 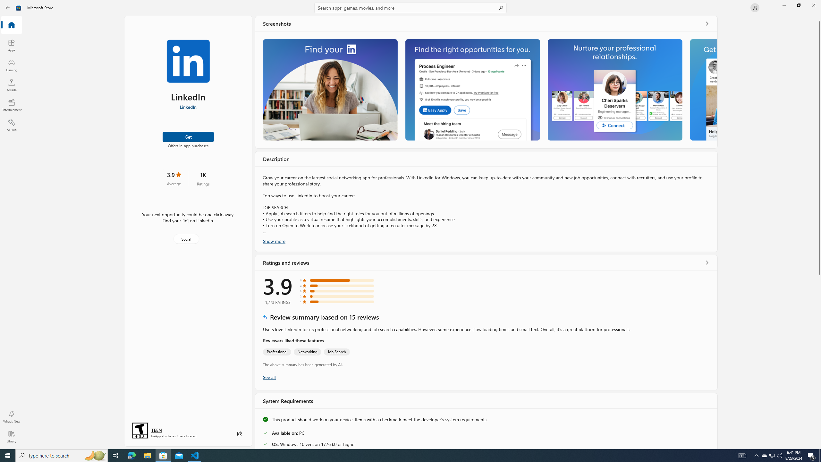 What do you see at coordinates (273, 241) in the screenshot?
I see `'Show more'` at bounding box center [273, 241].